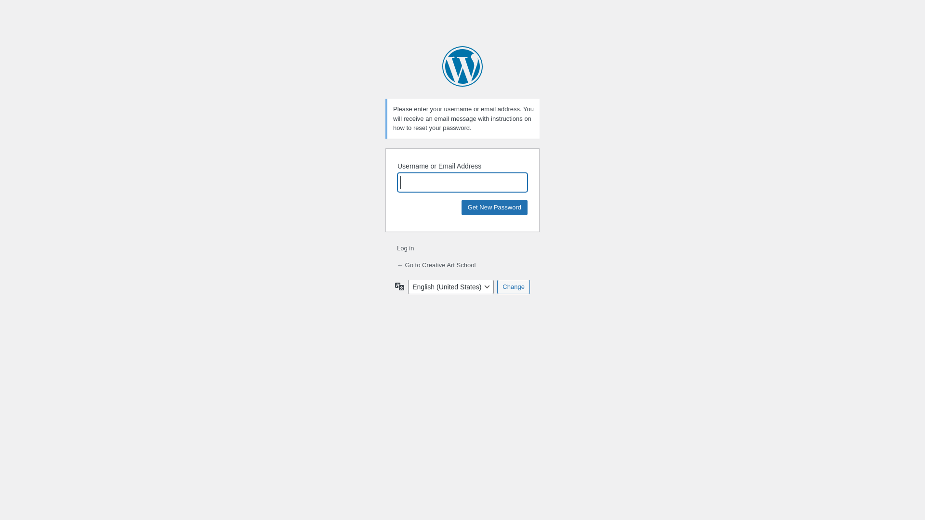  What do you see at coordinates (462, 66) in the screenshot?
I see `'Powered by WordPress'` at bounding box center [462, 66].